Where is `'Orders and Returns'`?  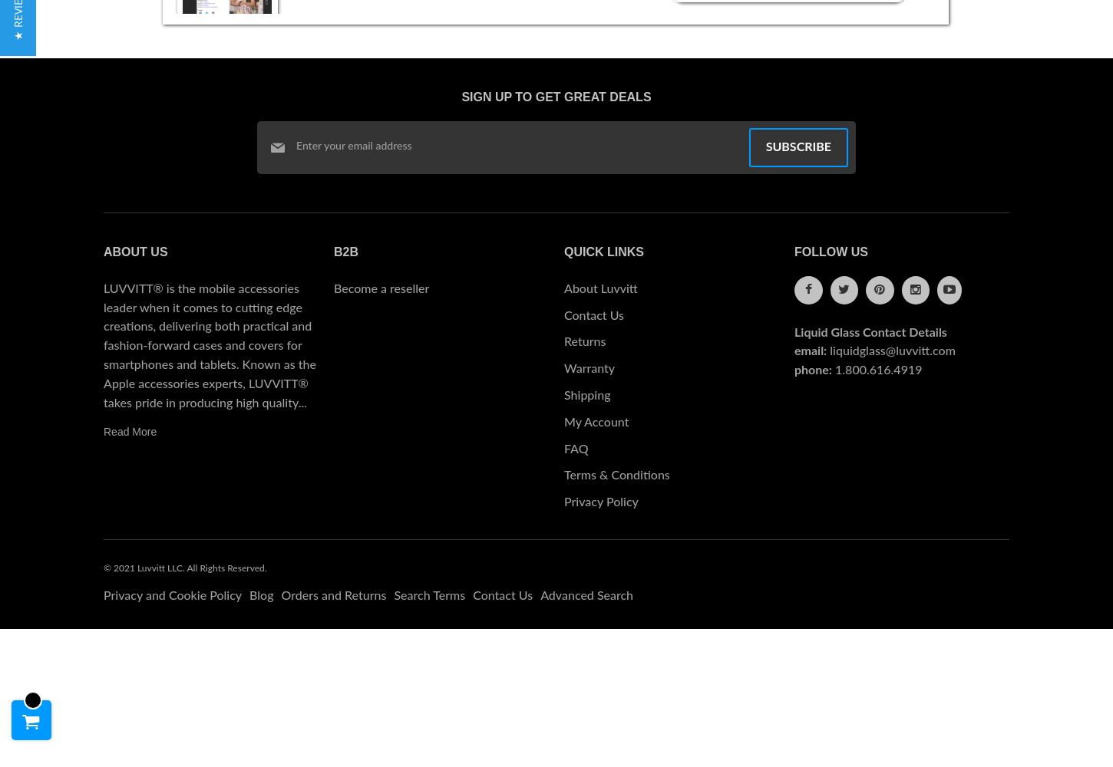 'Orders and Returns' is located at coordinates (332, 596).